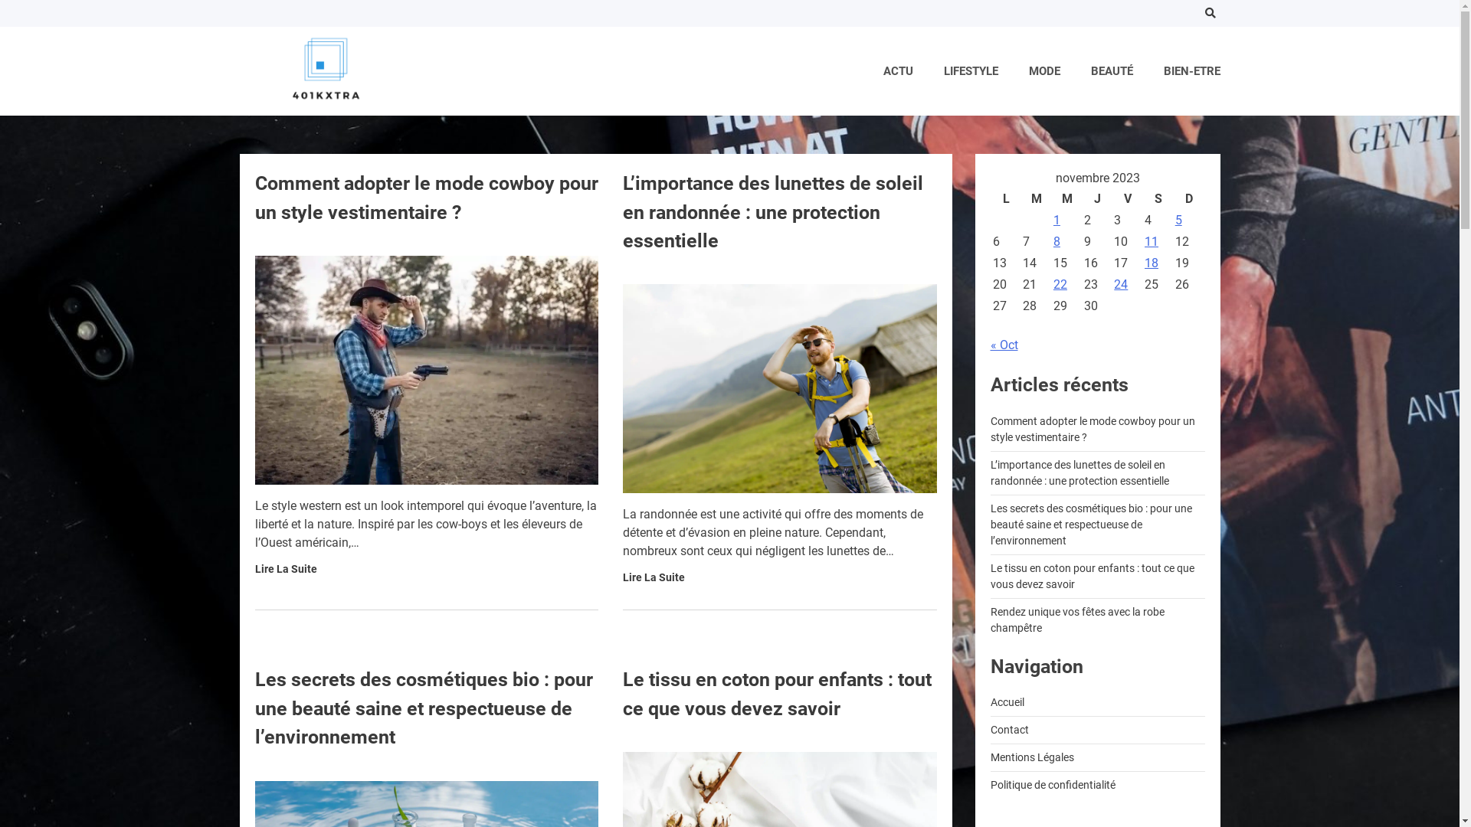  Describe the element at coordinates (970, 71) in the screenshot. I see `'LIFESTYLE'` at that location.